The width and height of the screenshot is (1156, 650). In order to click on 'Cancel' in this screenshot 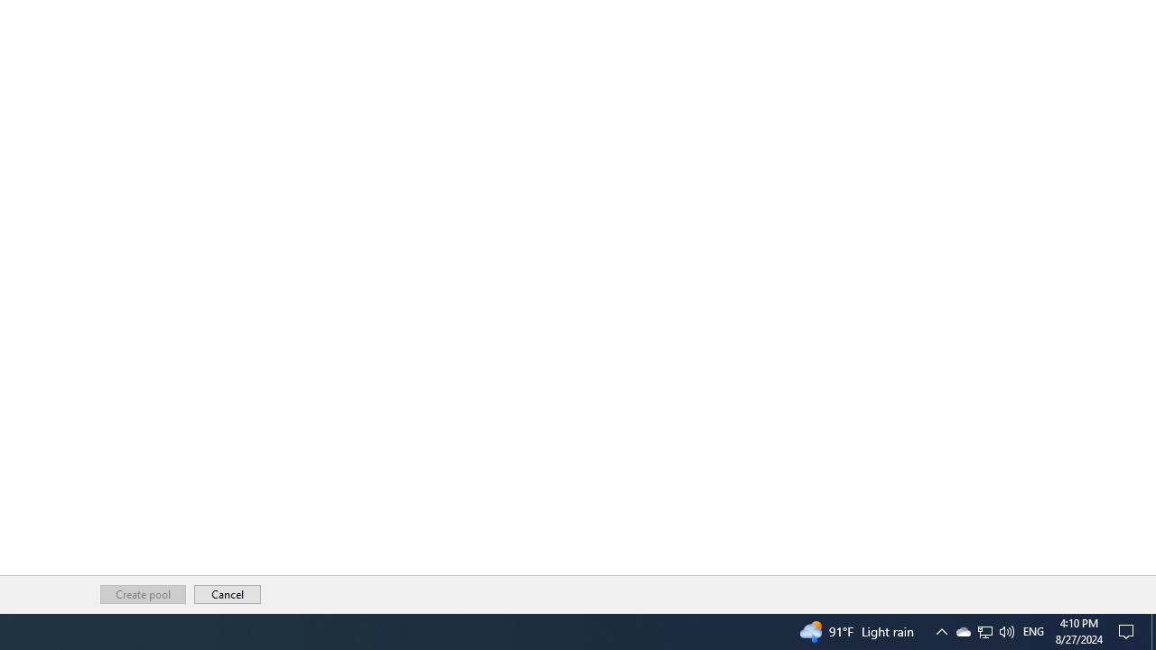, I will do `click(227, 594)`.